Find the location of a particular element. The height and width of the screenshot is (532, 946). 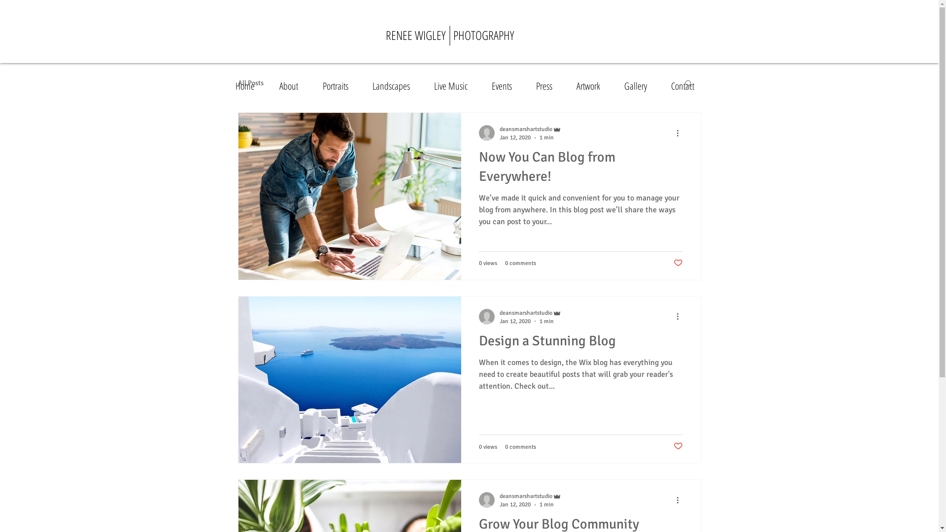

'Gallery' is located at coordinates (640, 85).